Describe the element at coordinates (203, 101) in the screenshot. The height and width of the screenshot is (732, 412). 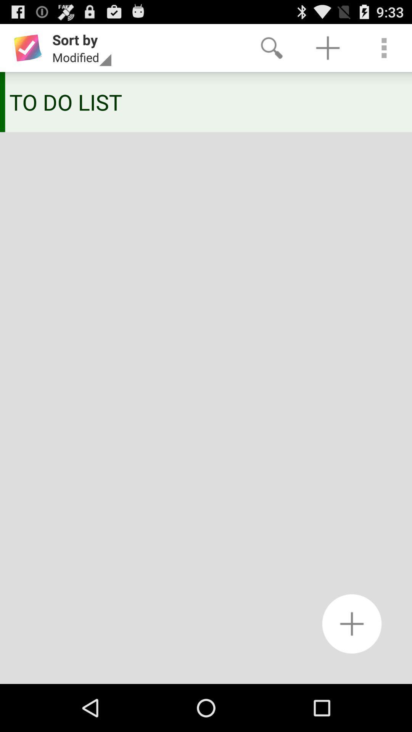
I see `to do list app` at that location.